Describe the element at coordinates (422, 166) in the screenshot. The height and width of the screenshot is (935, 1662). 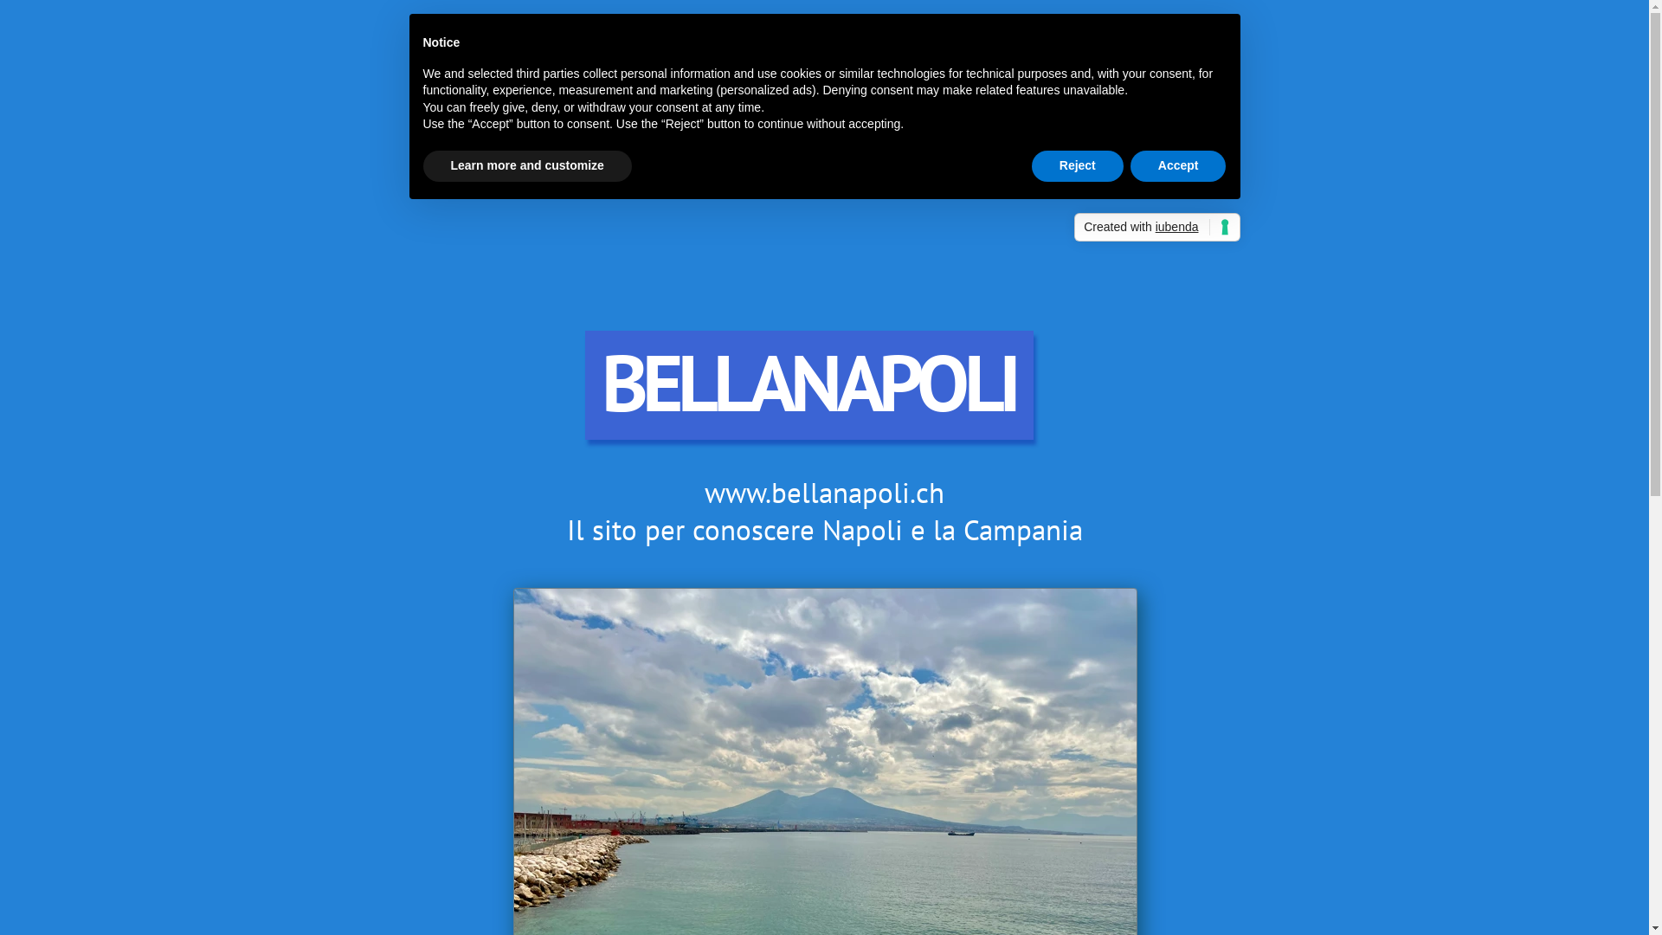
I see `'Learn more and customize'` at that location.